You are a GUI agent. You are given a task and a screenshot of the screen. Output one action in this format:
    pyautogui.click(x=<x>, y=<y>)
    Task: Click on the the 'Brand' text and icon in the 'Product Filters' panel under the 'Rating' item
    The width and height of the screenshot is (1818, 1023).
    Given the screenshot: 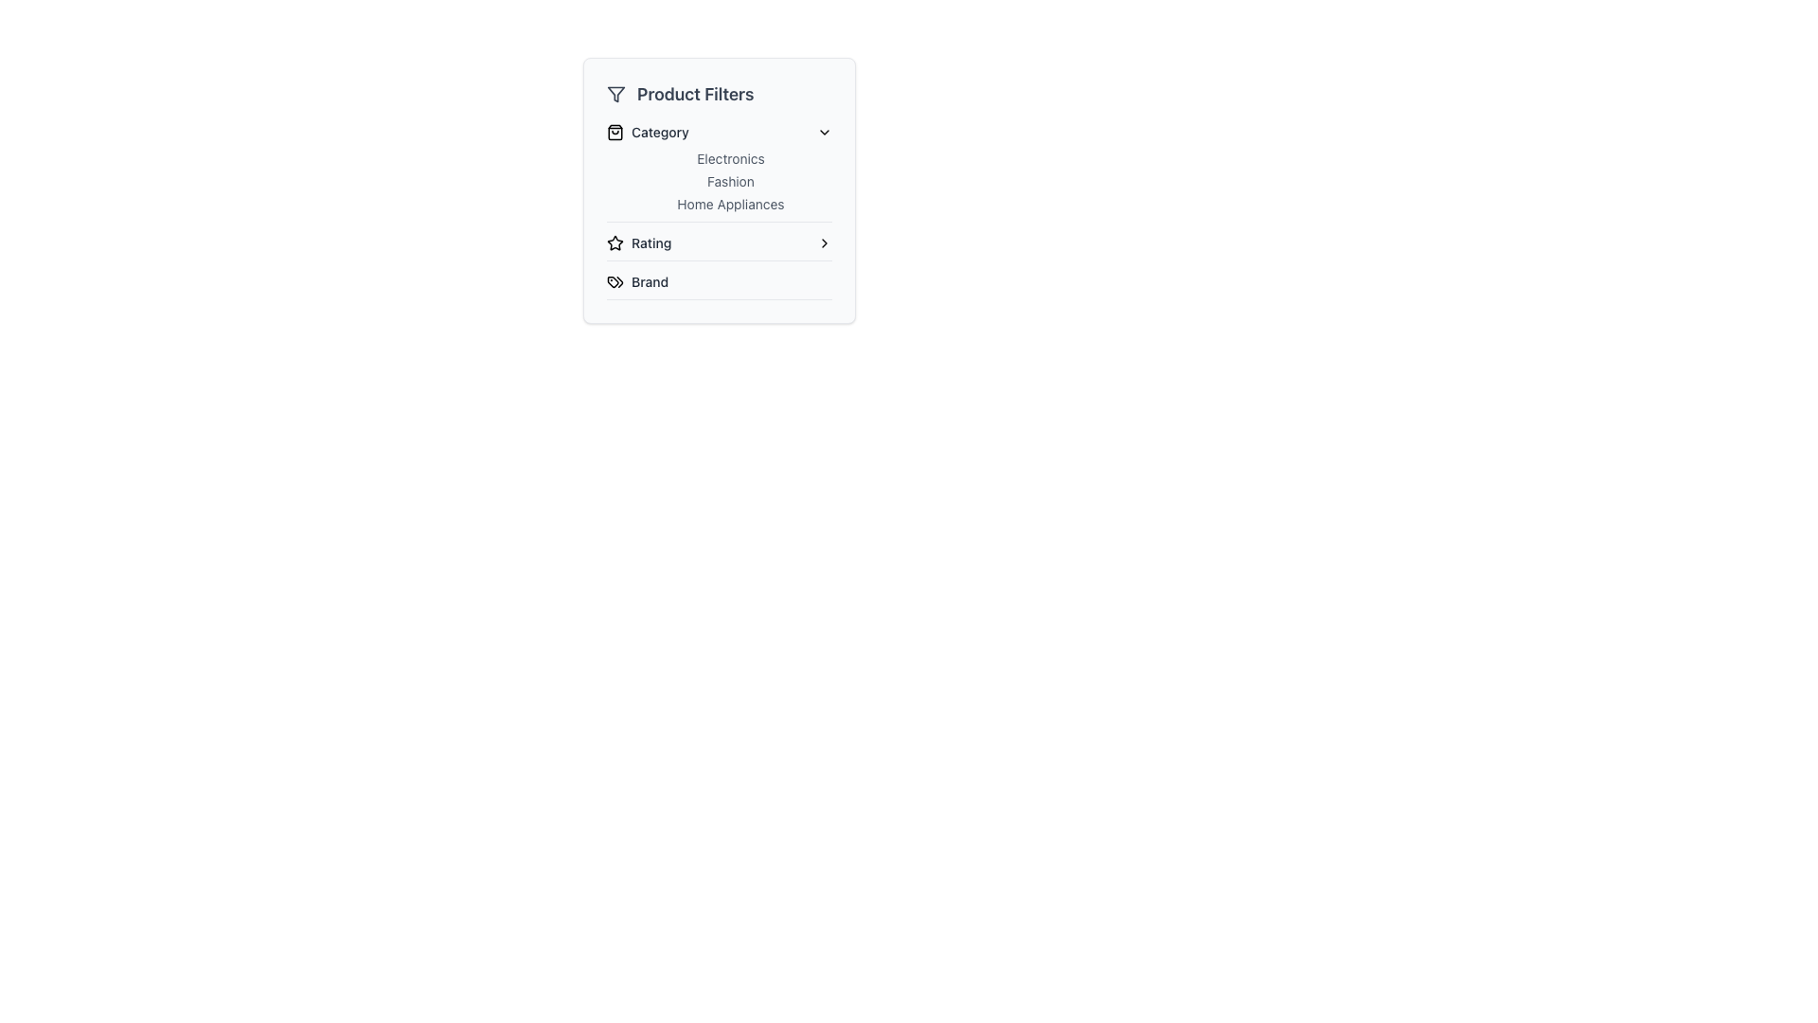 What is the action you would take?
    pyautogui.click(x=637, y=281)
    